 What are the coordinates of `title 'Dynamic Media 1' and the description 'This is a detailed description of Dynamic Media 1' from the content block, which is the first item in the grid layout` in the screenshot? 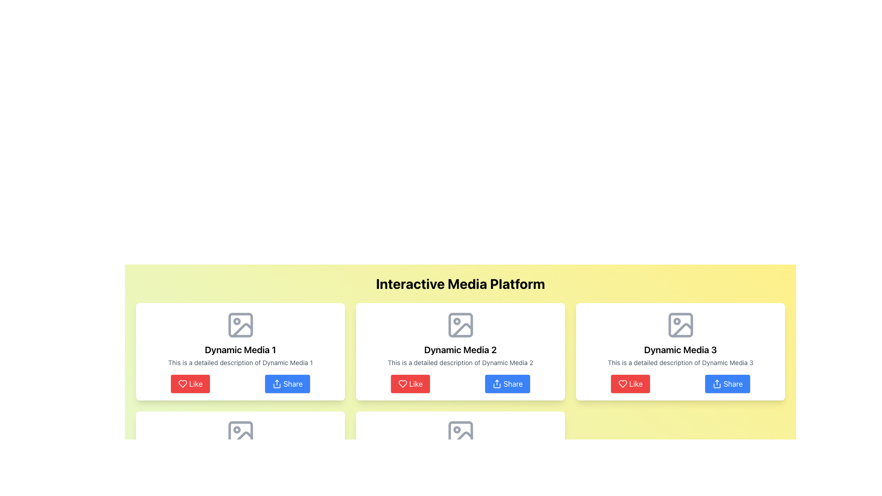 It's located at (240, 338).